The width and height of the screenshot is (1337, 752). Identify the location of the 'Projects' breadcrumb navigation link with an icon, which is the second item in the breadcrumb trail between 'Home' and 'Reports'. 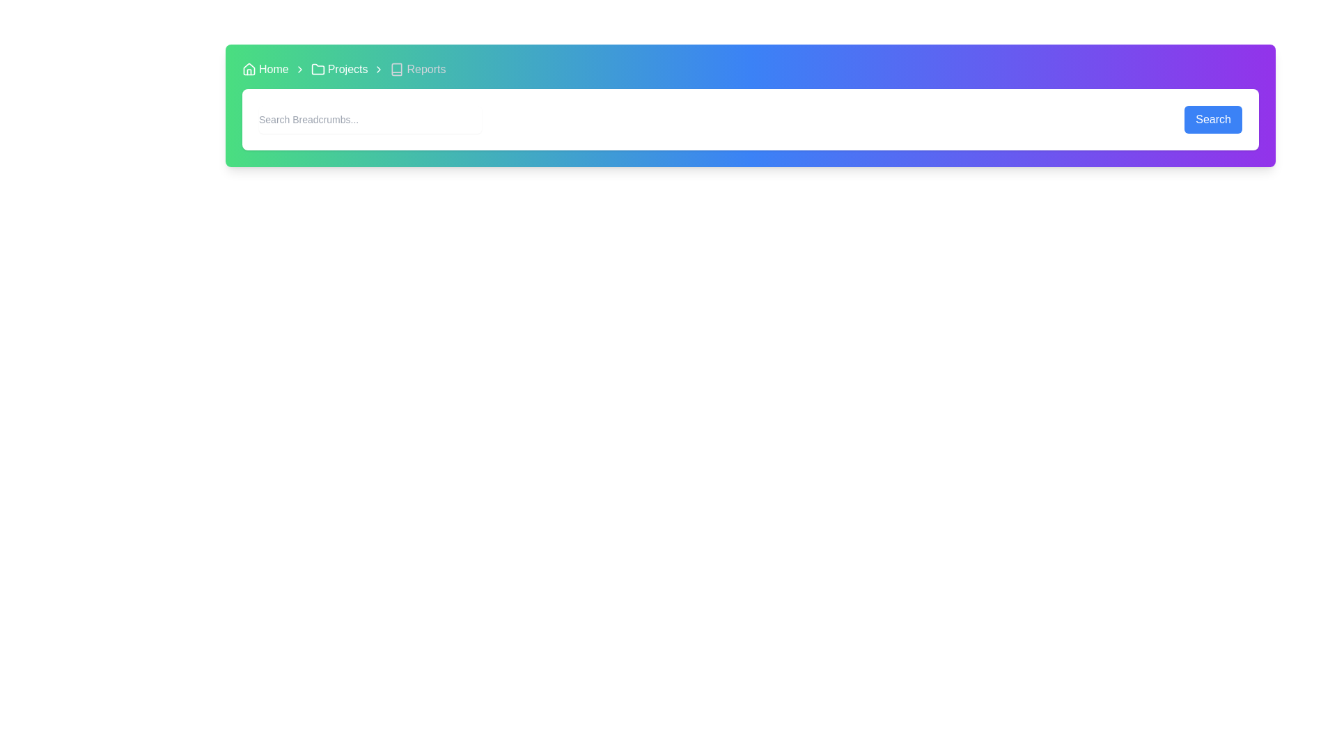
(339, 70).